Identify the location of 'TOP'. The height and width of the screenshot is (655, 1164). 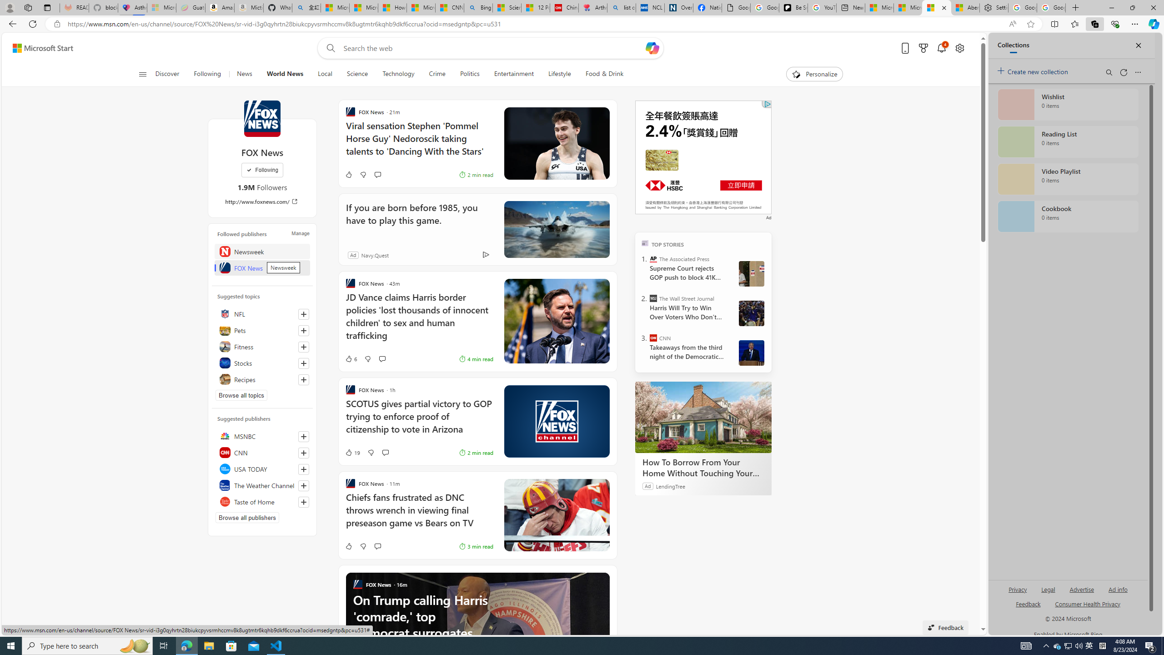
(645, 242).